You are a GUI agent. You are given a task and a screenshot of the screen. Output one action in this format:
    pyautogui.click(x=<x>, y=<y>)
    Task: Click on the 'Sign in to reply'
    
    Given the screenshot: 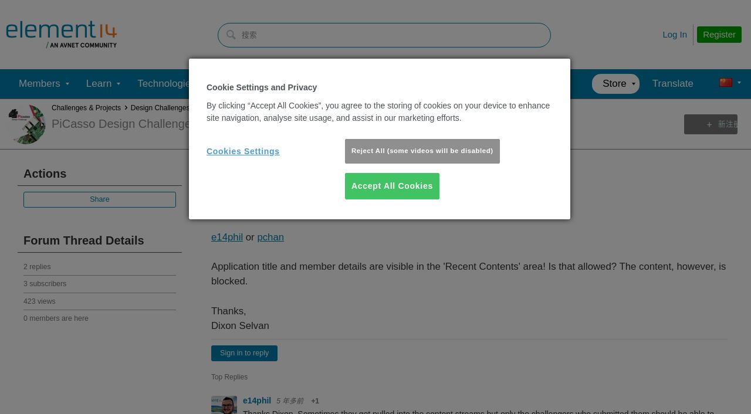 What is the action you would take?
    pyautogui.click(x=220, y=352)
    